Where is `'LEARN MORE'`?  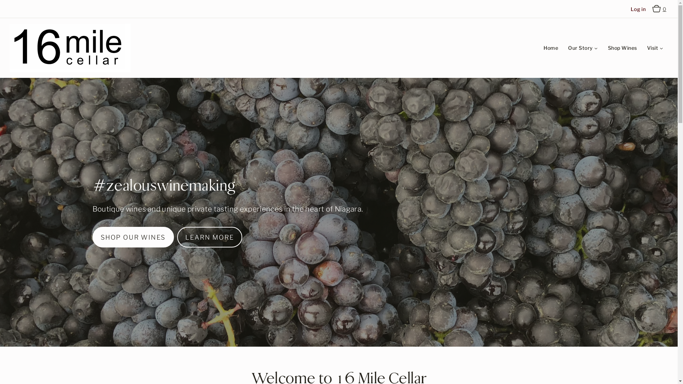
'LEARN MORE' is located at coordinates (209, 237).